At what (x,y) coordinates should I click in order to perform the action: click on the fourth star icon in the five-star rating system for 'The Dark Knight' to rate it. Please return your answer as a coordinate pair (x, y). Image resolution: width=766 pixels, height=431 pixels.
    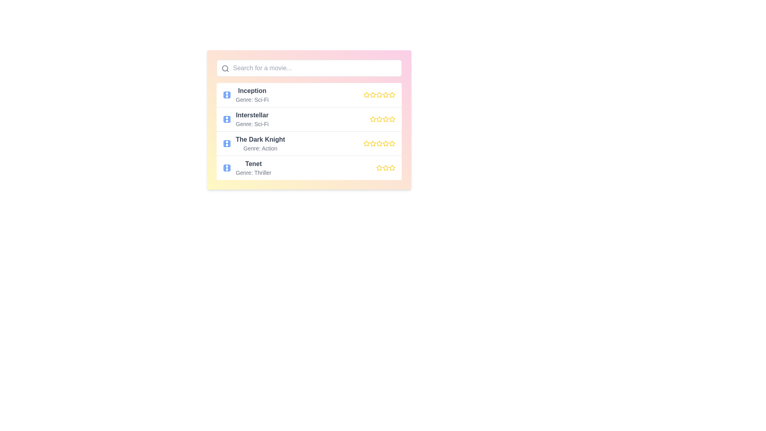
    Looking at the image, I should click on (385, 143).